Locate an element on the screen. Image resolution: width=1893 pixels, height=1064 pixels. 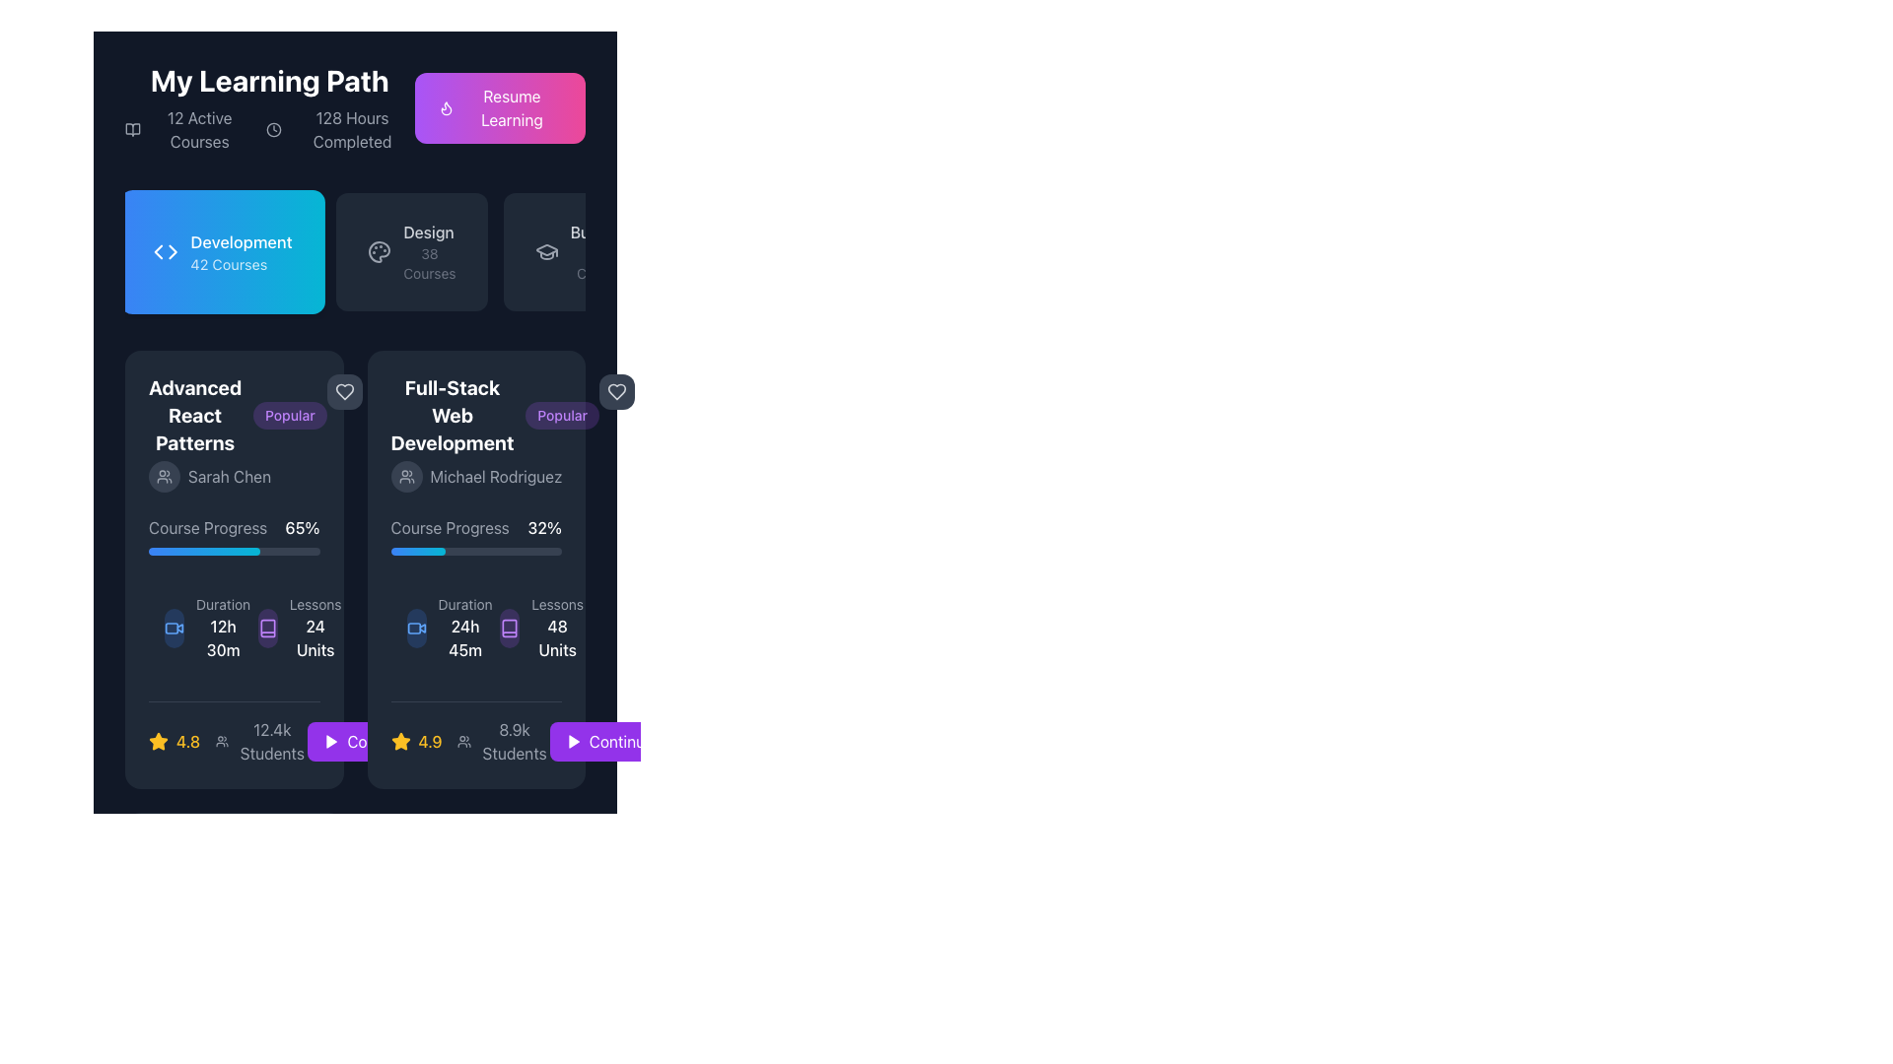
the text and icon displaying the count of students enrolled in the 'Full-Stack Web Development' course, located at the bottom of the course card, next to the star rating '4.9' and the 'Continue' button is located at coordinates (504, 741).